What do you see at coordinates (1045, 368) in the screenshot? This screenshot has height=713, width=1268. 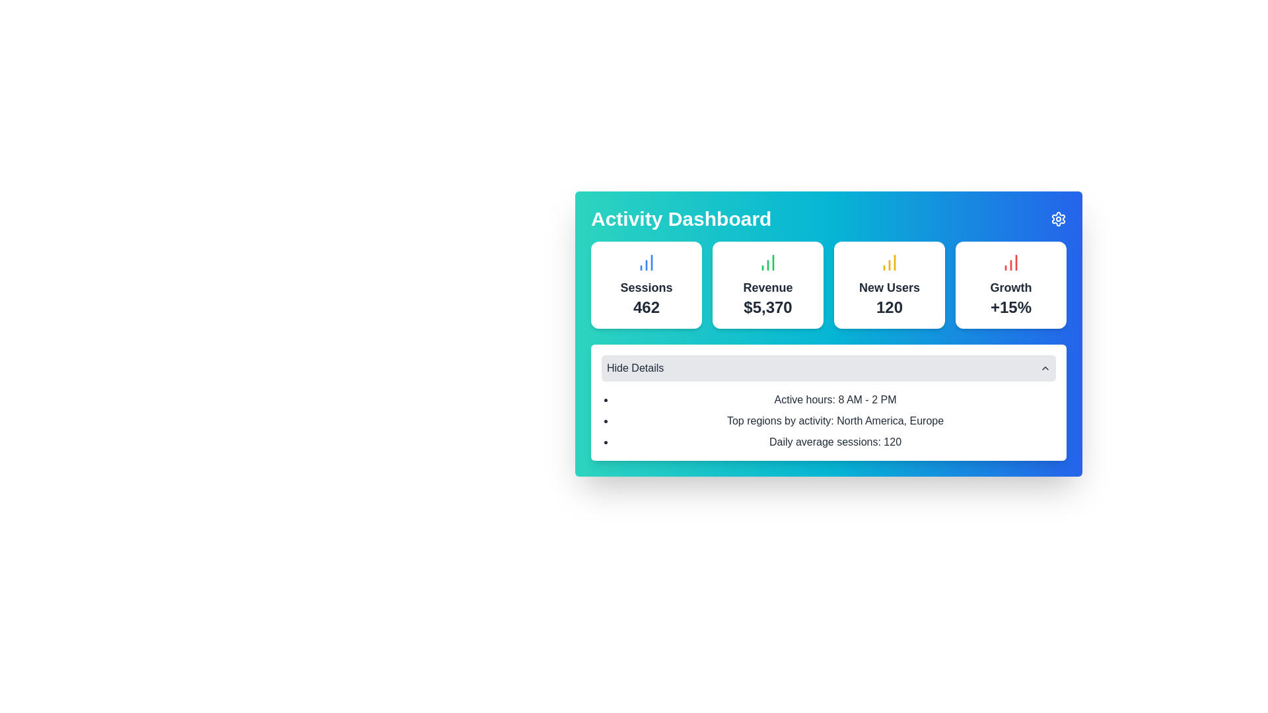 I see `the upward-pointing chevron icon located on the right edge of the 'Hide Details' button` at bounding box center [1045, 368].